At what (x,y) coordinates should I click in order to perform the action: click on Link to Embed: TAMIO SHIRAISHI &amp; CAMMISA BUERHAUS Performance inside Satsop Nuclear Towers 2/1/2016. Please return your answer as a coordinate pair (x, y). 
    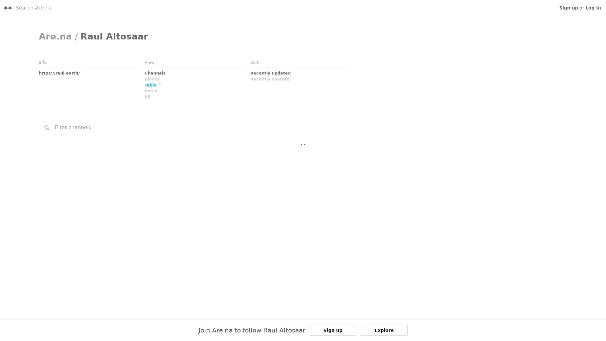
    Looking at the image, I should click on (405, 188).